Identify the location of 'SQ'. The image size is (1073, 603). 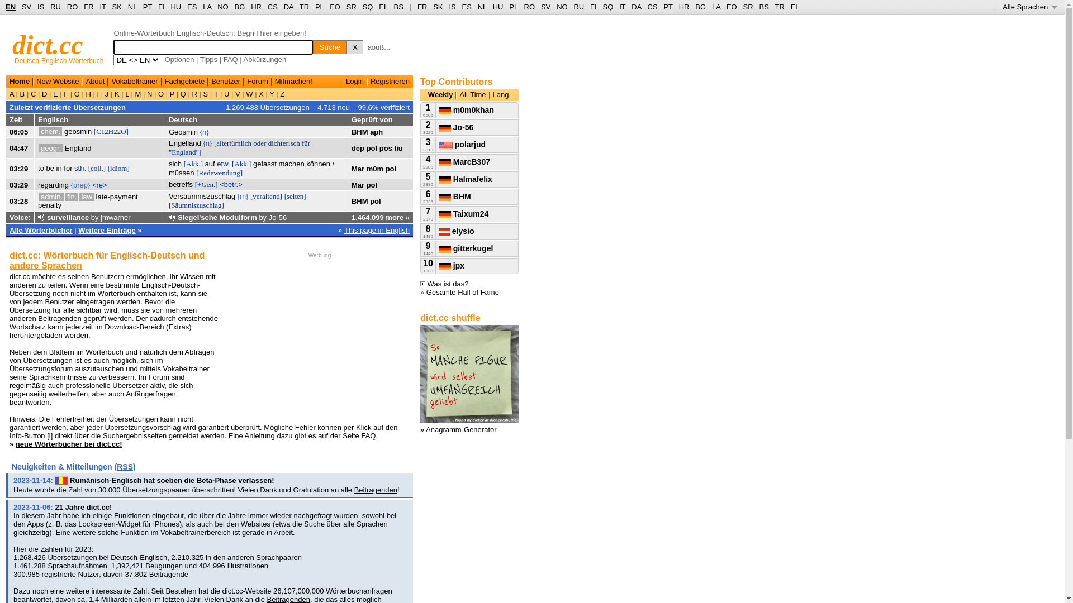
(607, 7).